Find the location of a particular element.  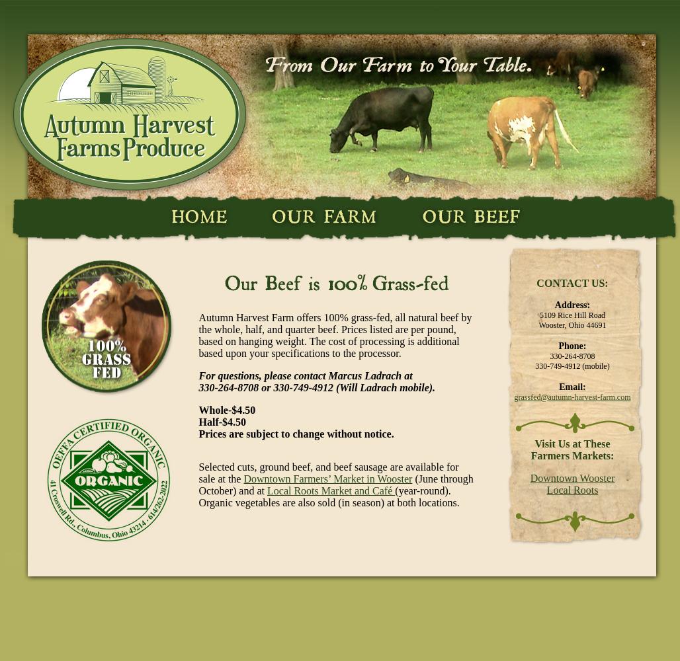

'Local Roots' is located at coordinates (571, 489).